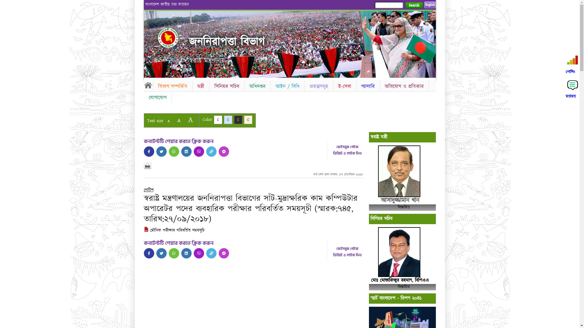  What do you see at coordinates (238, 120) in the screenshot?
I see `'C'` at bounding box center [238, 120].